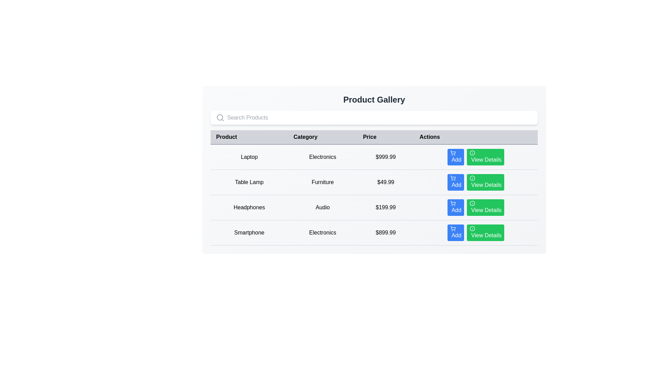 Image resolution: width=664 pixels, height=373 pixels. I want to click on the two buttons in the 'Actions' column of the table row corresponding to the product 'Laptop', so click(476, 157).